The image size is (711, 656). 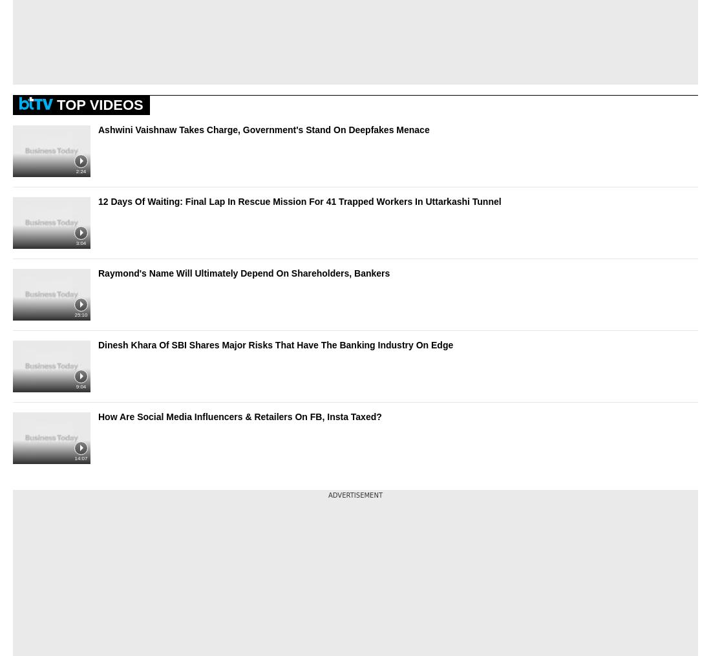 What do you see at coordinates (299, 200) in the screenshot?
I see `'12 Days Of Waiting: Final Lap In Rescue Mission For 41 Trapped Workers In Uttarkashi Tunnel'` at bounding box center [299, 200].